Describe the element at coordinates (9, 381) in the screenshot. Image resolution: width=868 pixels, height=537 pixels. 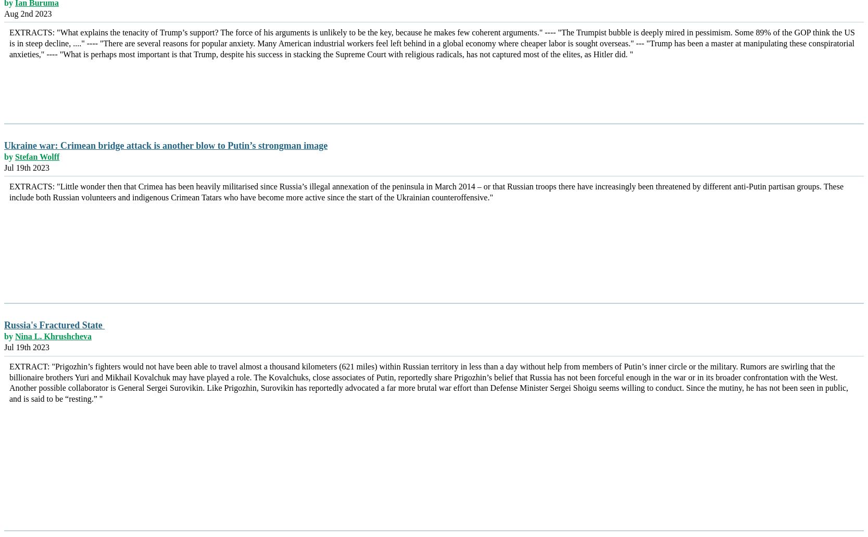
I see `'EXTRACT: "Prigozhin’s fighters would not have been able to travel almost a thousand kilometers (621 miles) within Russian territory in less than a day without help from members of Putin’s inner circle or the military. Rumors are swirling that the billionaire brothers Yuri and Mikhail Kovalchuk may have played a role. The Kovalchuks, close associates of Putin, reportedly share Prigozhin’s belief that Russia has not been forceful enough in the war or in its broader confrontation with the West.

Another possible collaborator is General Sergei Surovikin. Like Prigozhin, Surovikin has reportedly advocated a far more brutal war effort than Defense Minister Sergei Shoigu seems willing to conduct. Since the mutiny, he has not been seen in public, and is said to be “resting.” "'` at that location.